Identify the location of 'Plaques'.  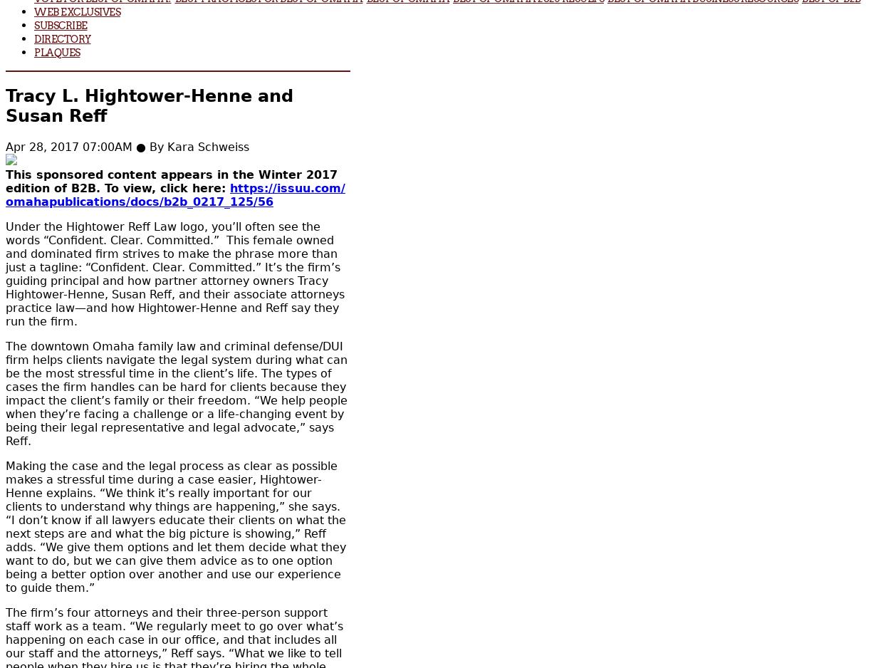
(57, 51).